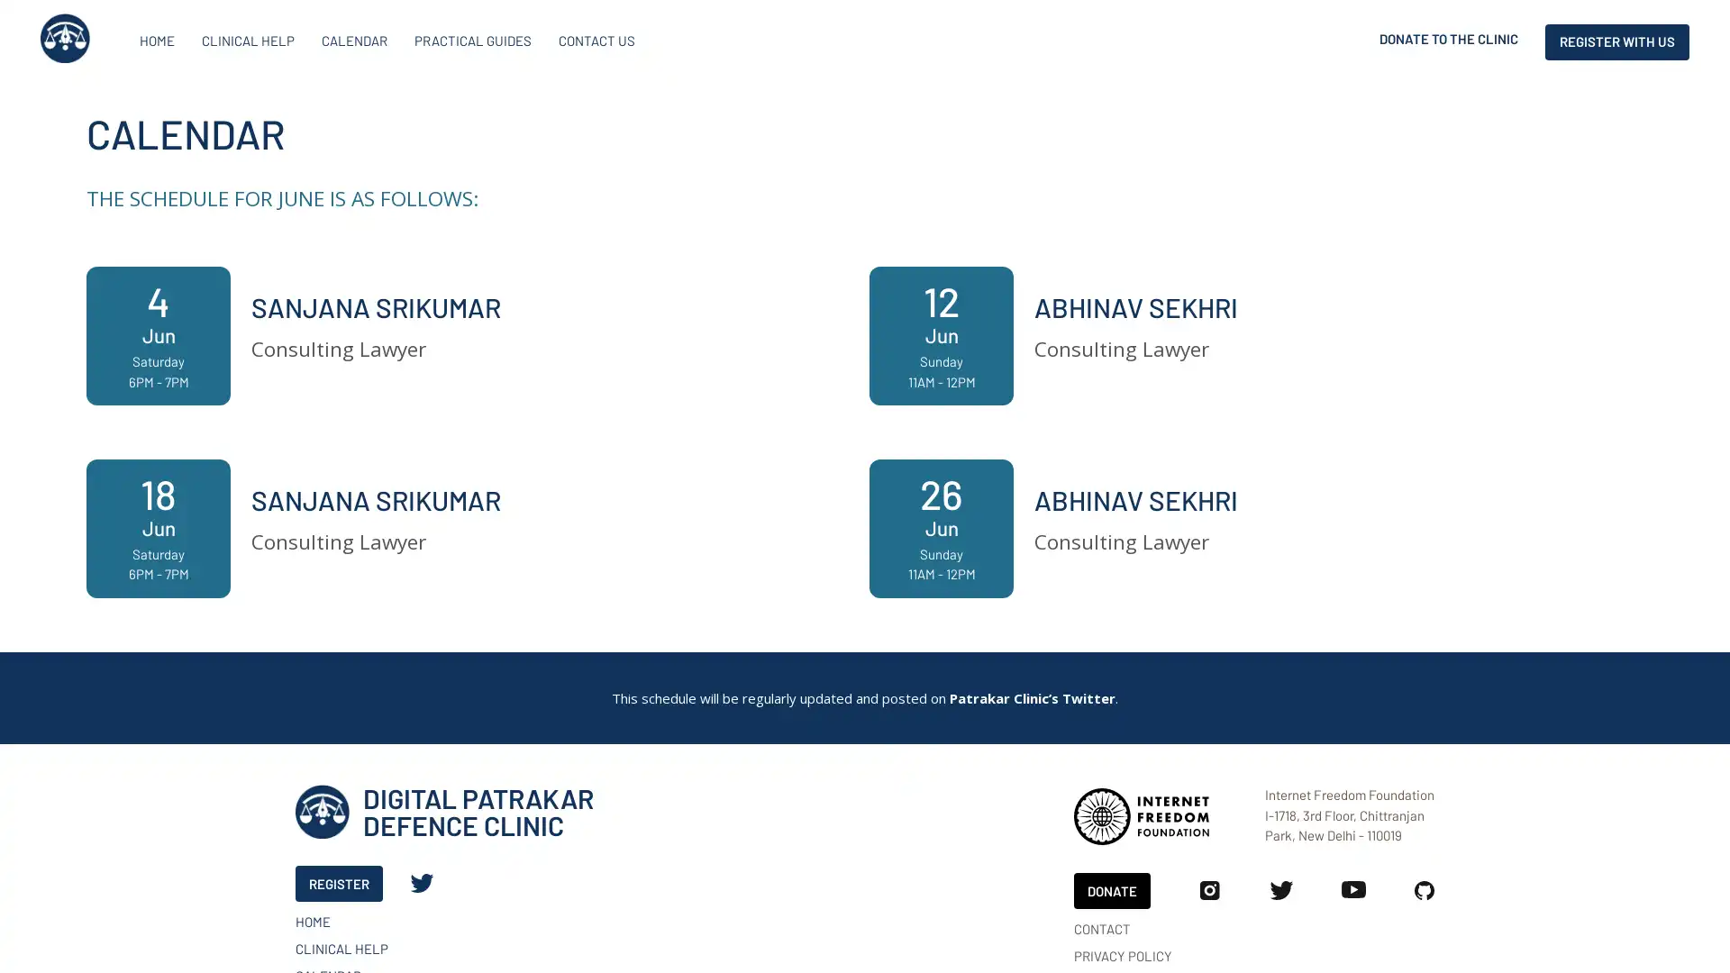 This screenshot has width=1730, height=973. What do you see at coordinates (1111, 888) in the screenshot?
I see `DONATE` at bounding box center [1111, 888].